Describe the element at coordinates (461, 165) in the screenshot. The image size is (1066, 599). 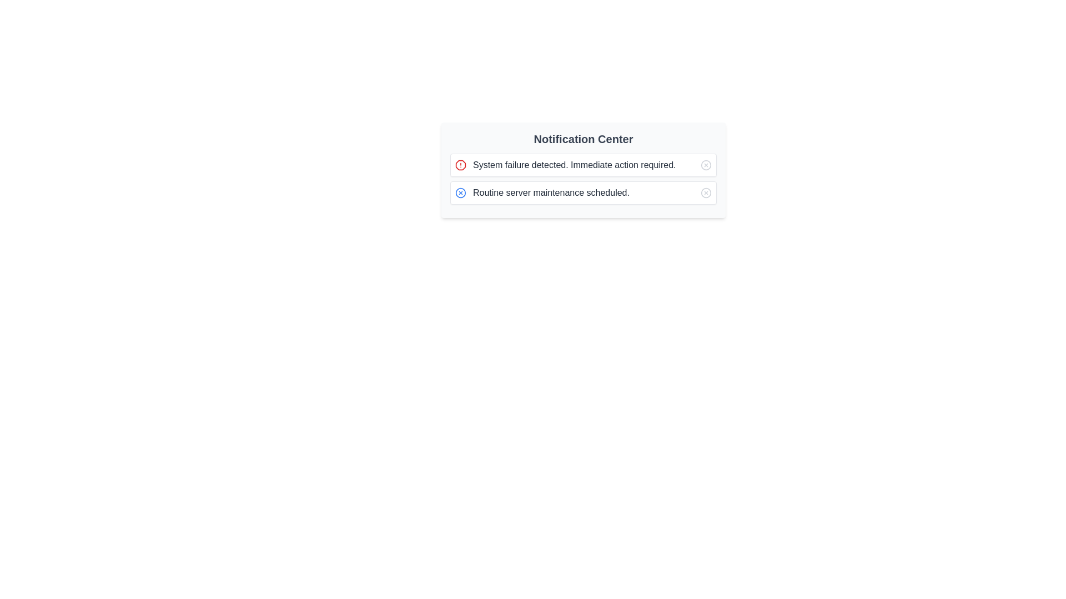
I see `the alert icon located to the left of the text 'System failure detected. Immediate action required' in the Notification Center` at that location.